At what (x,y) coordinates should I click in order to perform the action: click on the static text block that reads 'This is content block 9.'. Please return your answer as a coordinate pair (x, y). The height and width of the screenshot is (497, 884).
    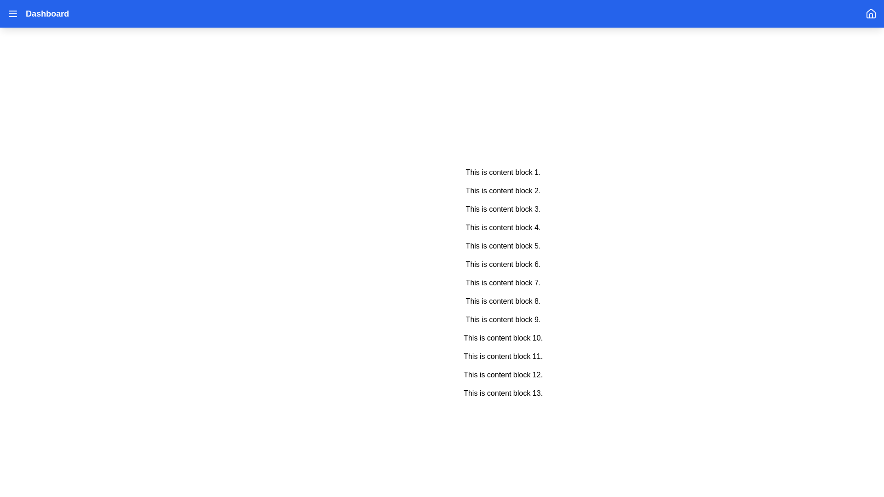
    Looking at the image, I should click on (503, 319).